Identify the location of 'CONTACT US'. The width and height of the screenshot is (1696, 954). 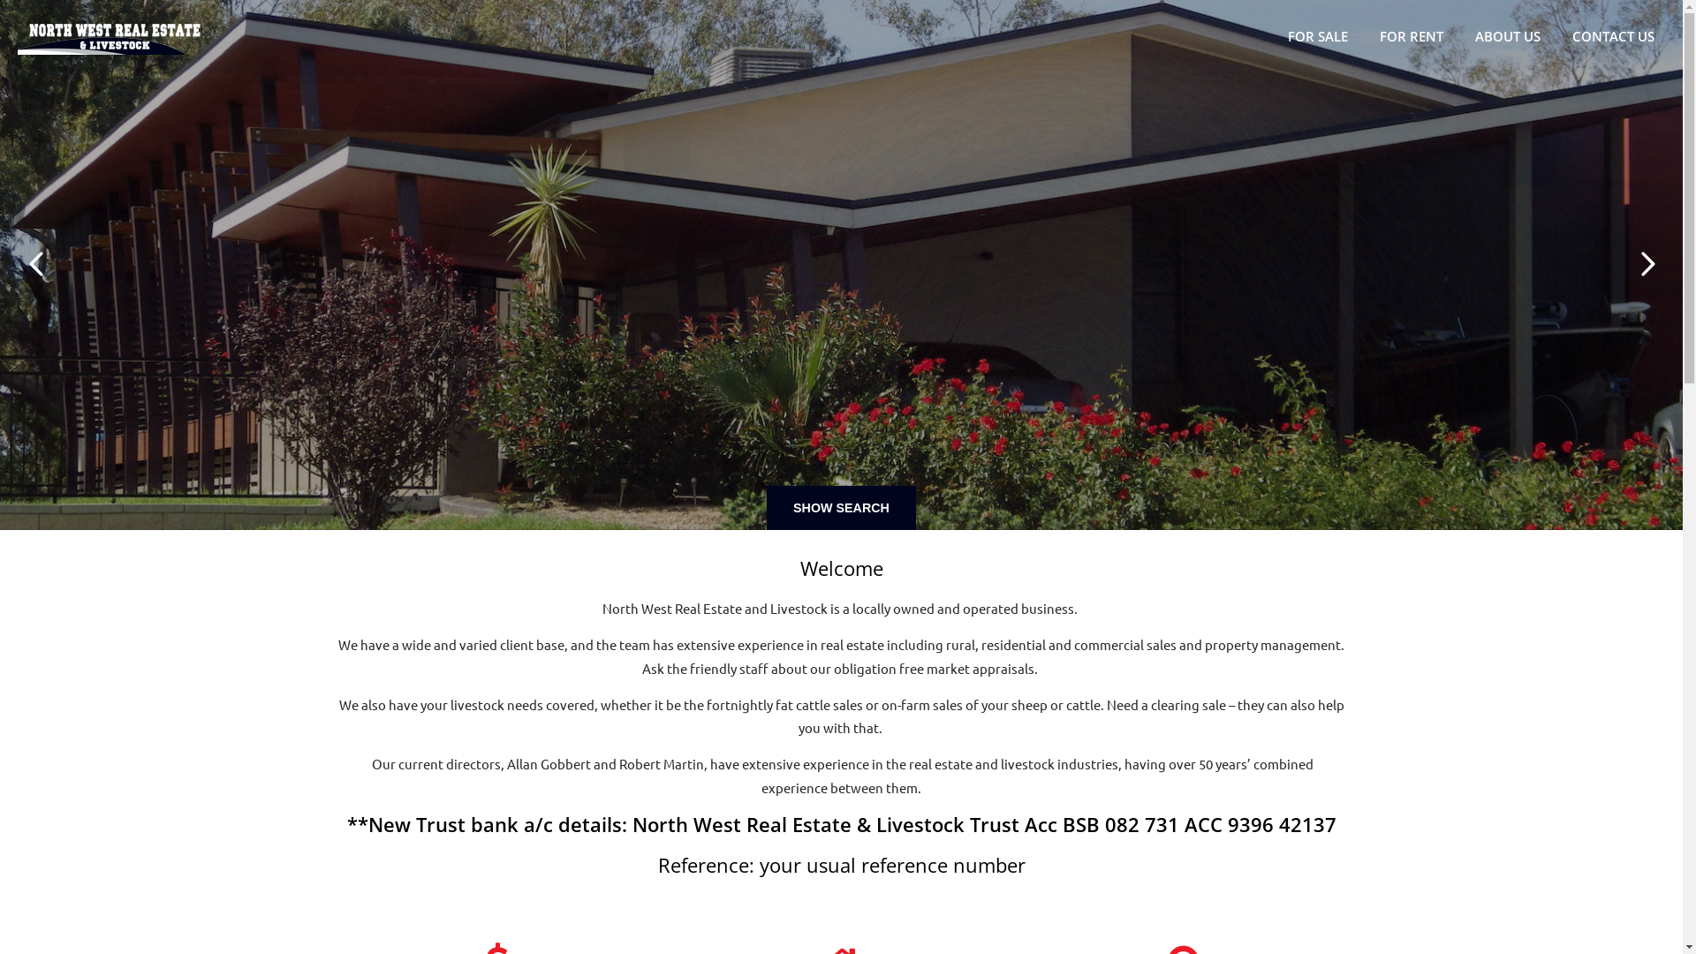
(1618, 36).